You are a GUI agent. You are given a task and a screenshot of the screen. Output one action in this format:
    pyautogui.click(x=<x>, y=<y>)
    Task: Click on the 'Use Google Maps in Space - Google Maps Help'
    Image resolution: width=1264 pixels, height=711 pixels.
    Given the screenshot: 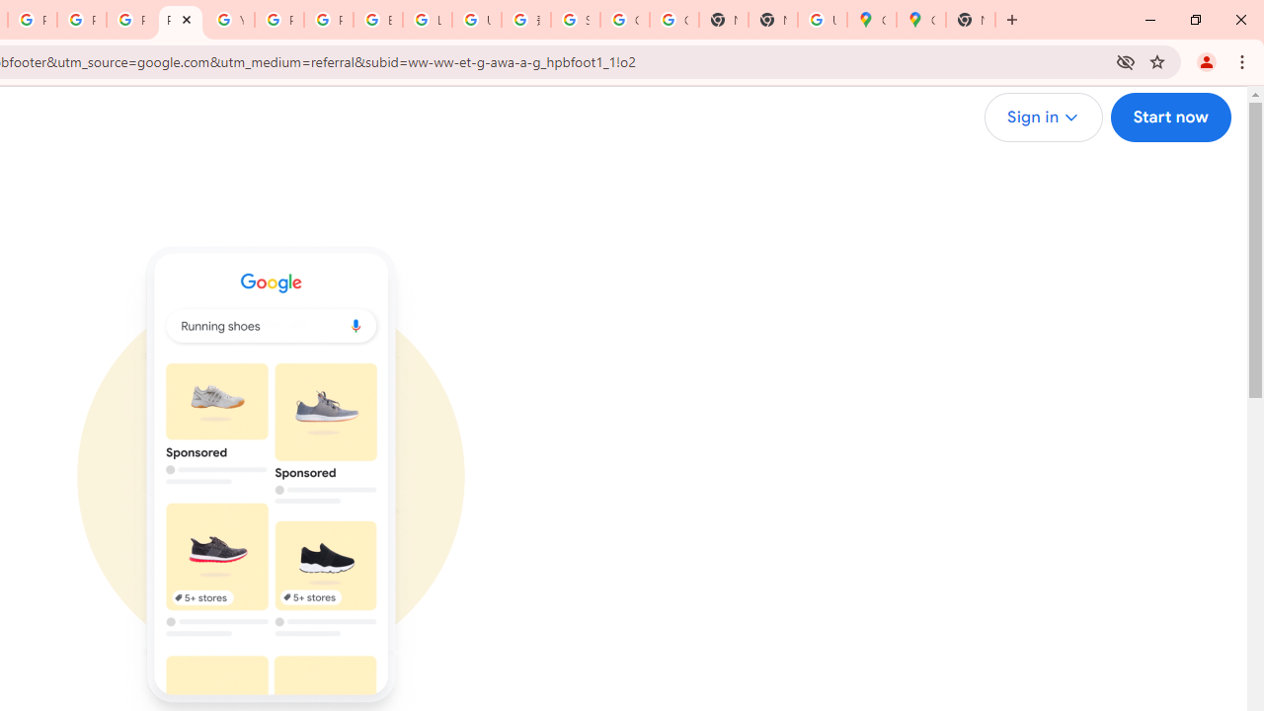 What is the action you would take?
    pyautogui.click(x=822, y=20)
    